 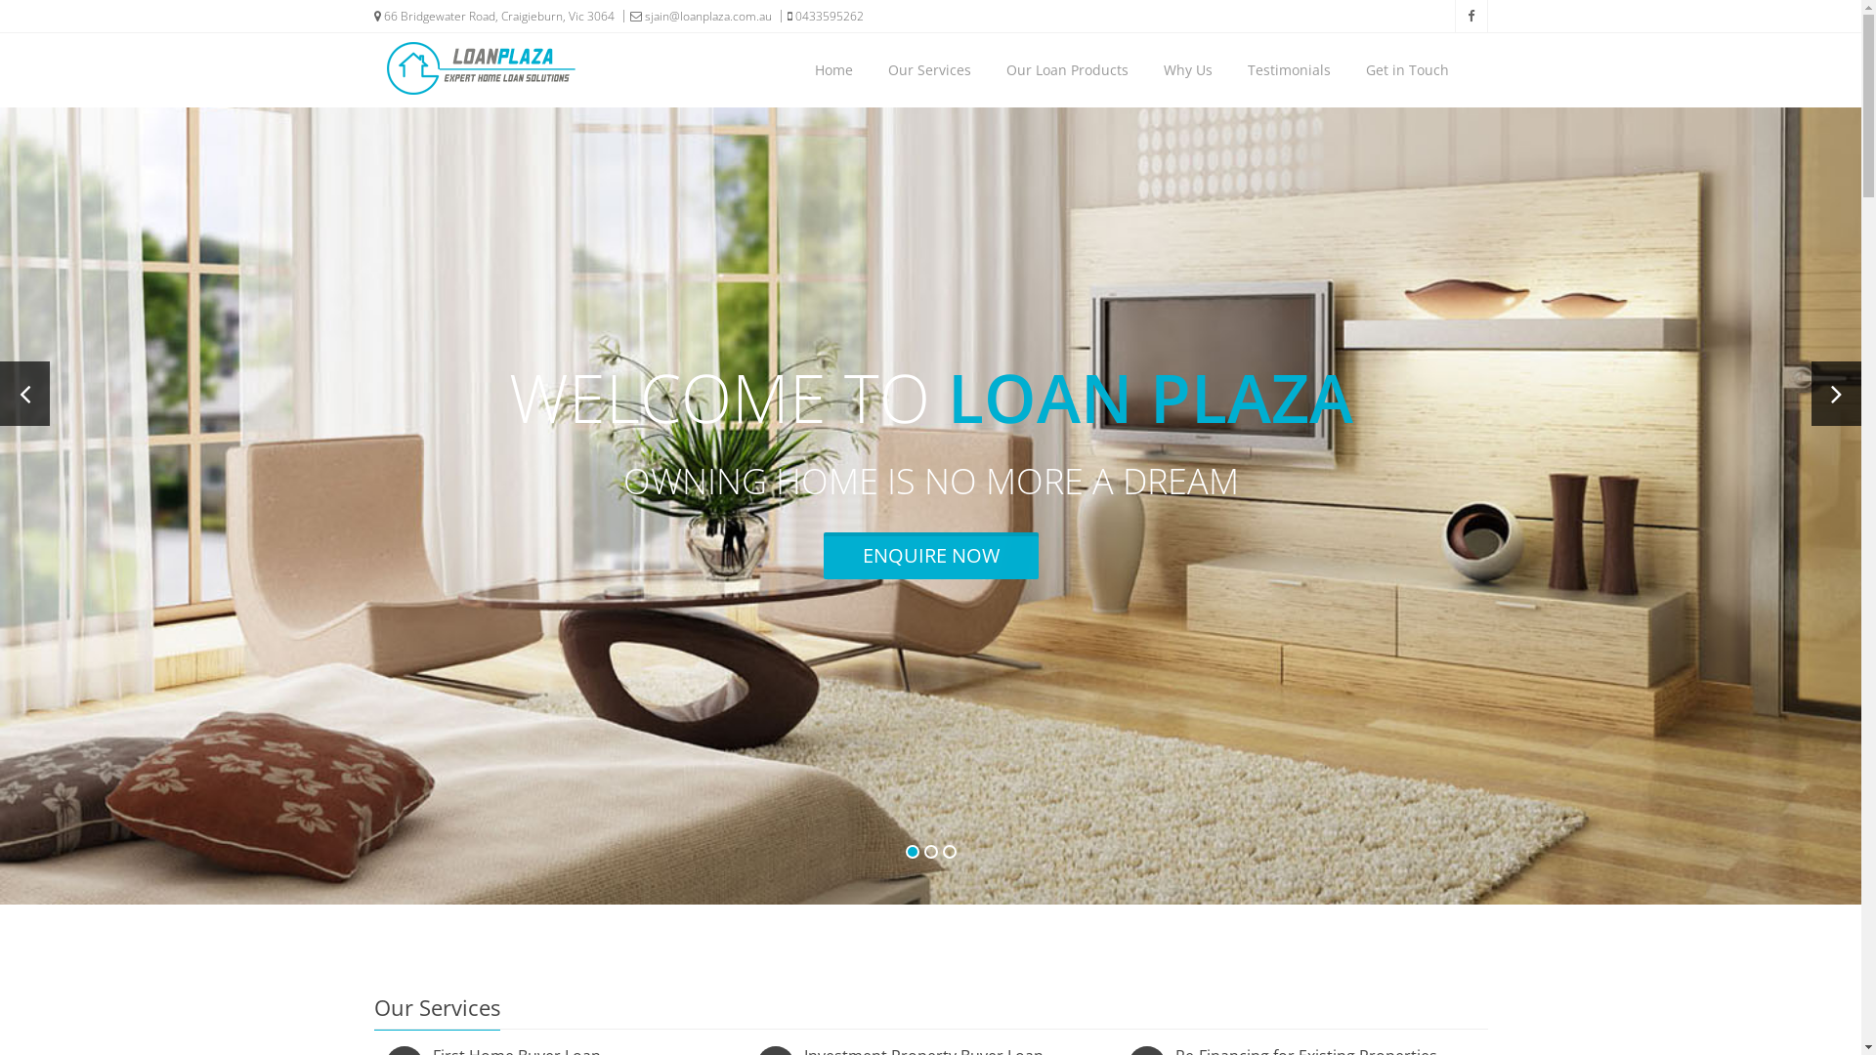 I want to click on '0433595262', so click(x=818, y=16).